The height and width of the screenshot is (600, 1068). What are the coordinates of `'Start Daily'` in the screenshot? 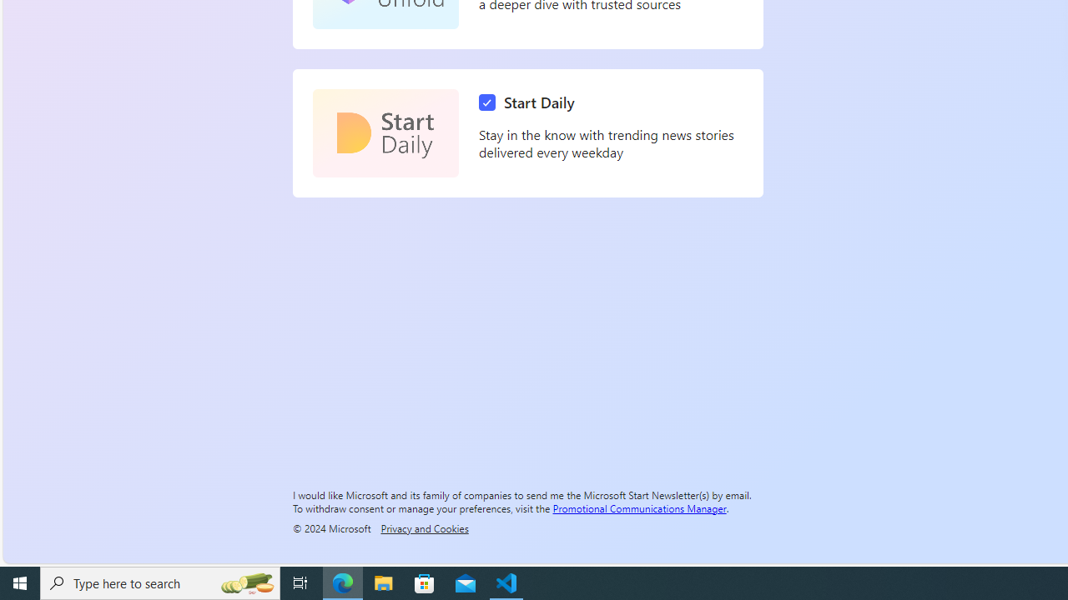 It's located at (385, 132).